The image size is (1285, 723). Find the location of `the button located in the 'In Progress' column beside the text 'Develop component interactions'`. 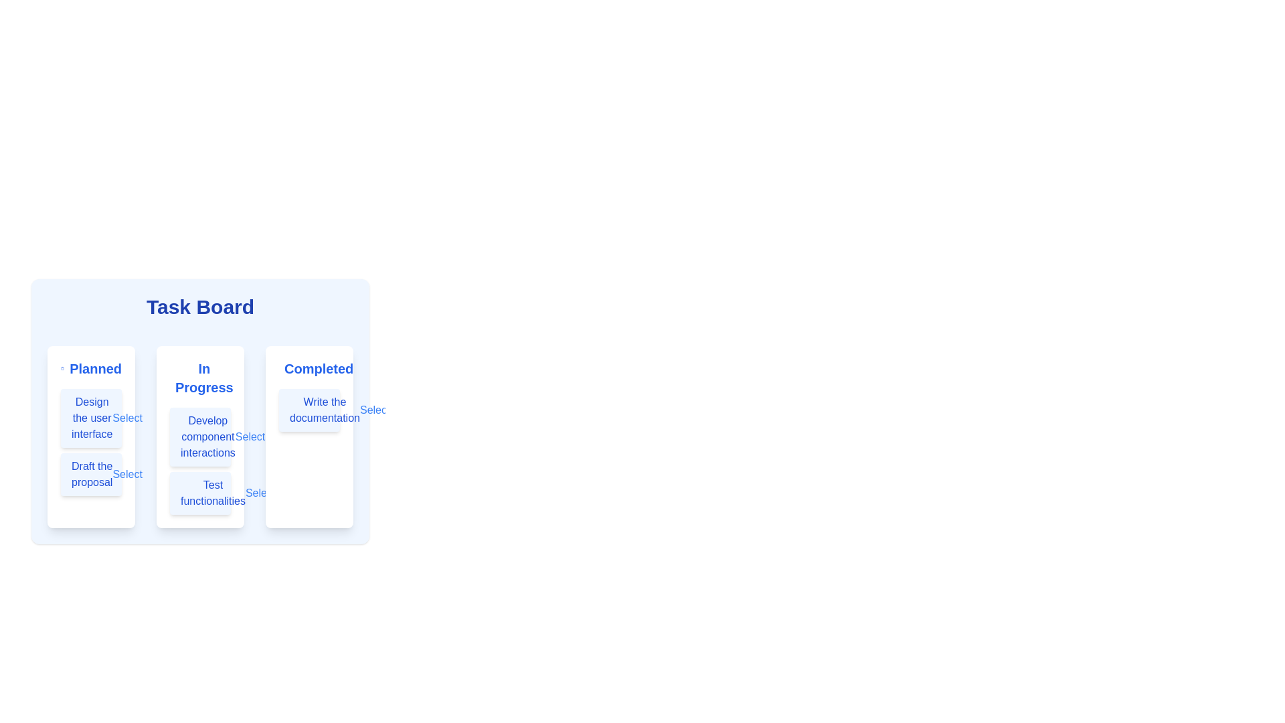

the button located in the 'In Progress' column beside the text 'Develop component interactions' is located at coordinates (250, 436).